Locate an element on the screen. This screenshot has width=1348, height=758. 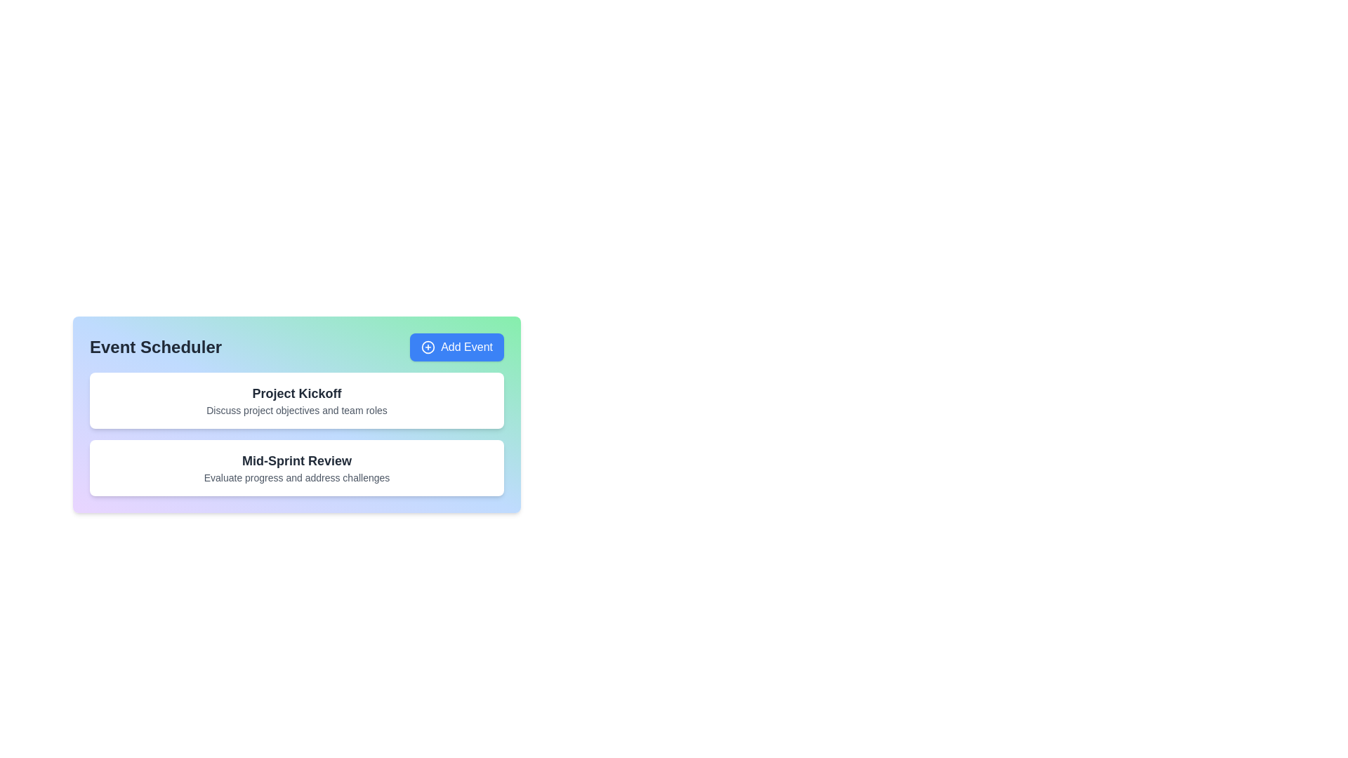
the static text element reading 'Discuss project objectives and team roles', which is located beneath the 'Project Kickoff' title in the card-like section is located at coordinates (296, 411).